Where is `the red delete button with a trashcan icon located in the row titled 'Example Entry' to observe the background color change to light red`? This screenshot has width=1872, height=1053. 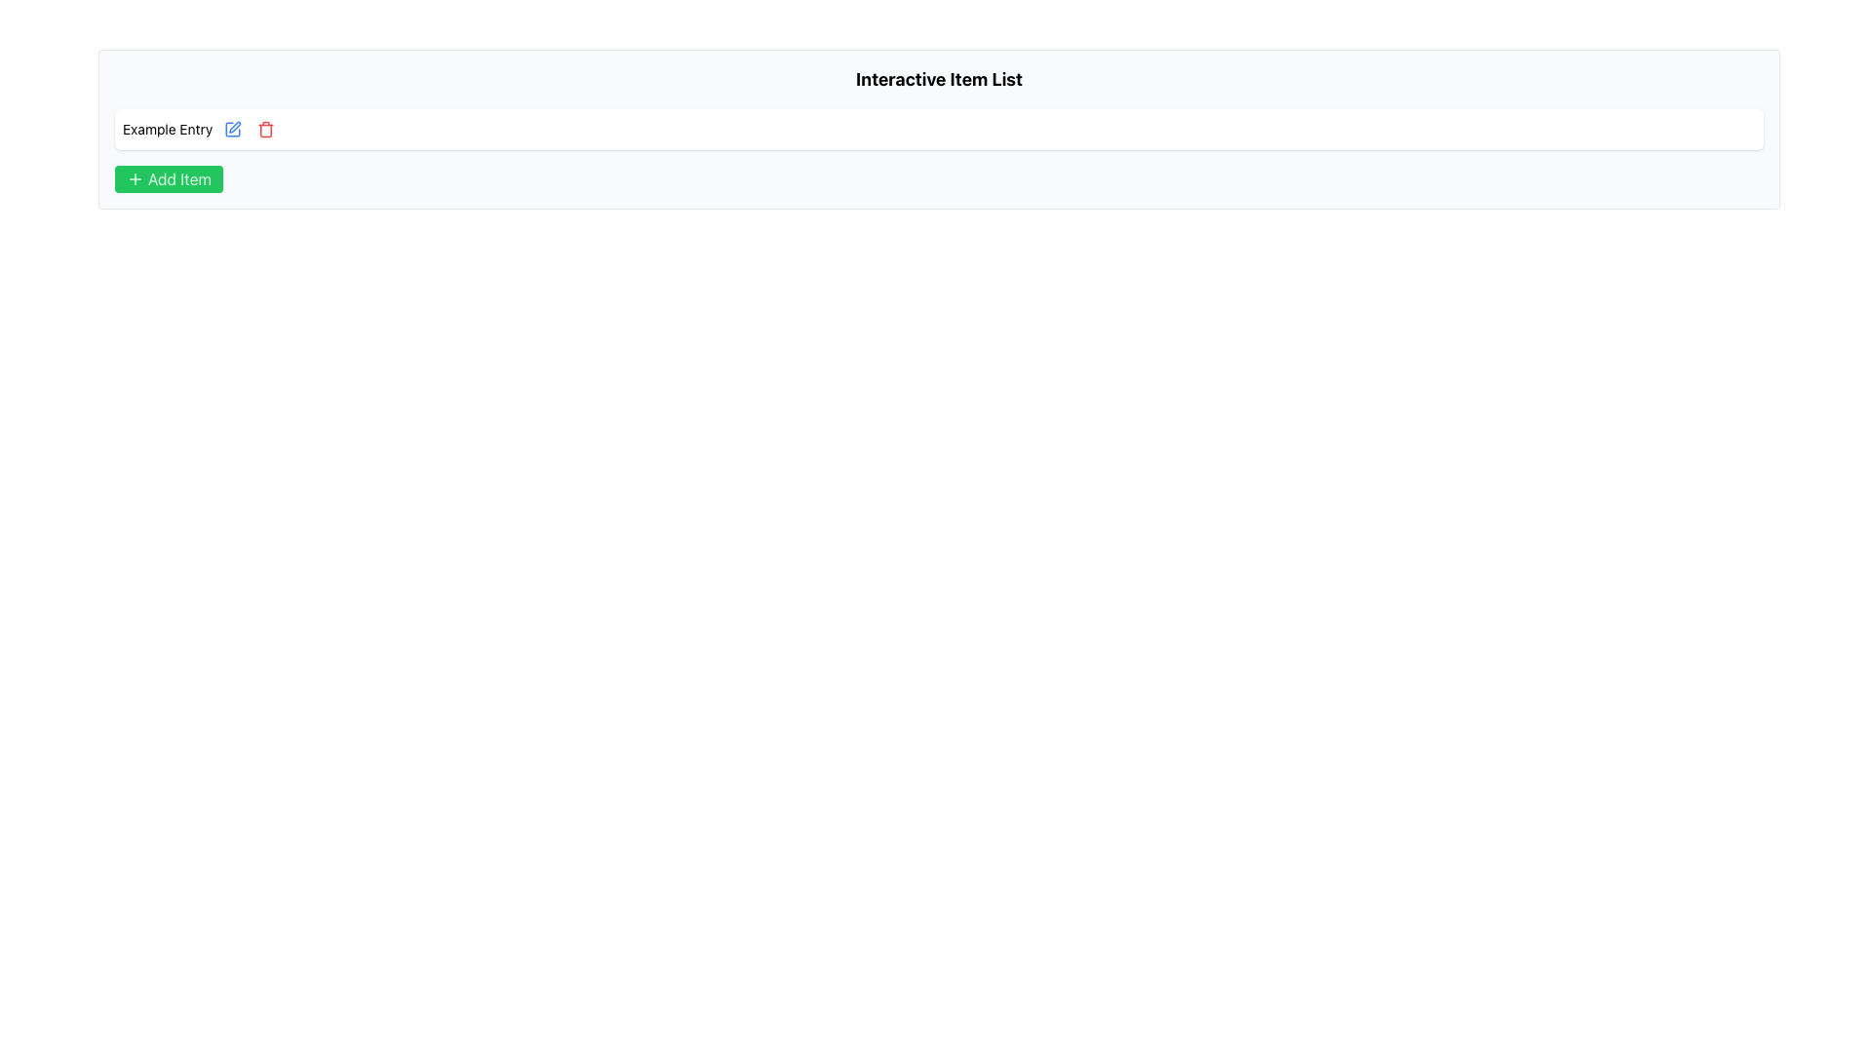
the red delete button with a trashcan icon located in the row titled 'Example Entry' to observe the background color change to light red is located at coordinates (265, 129).